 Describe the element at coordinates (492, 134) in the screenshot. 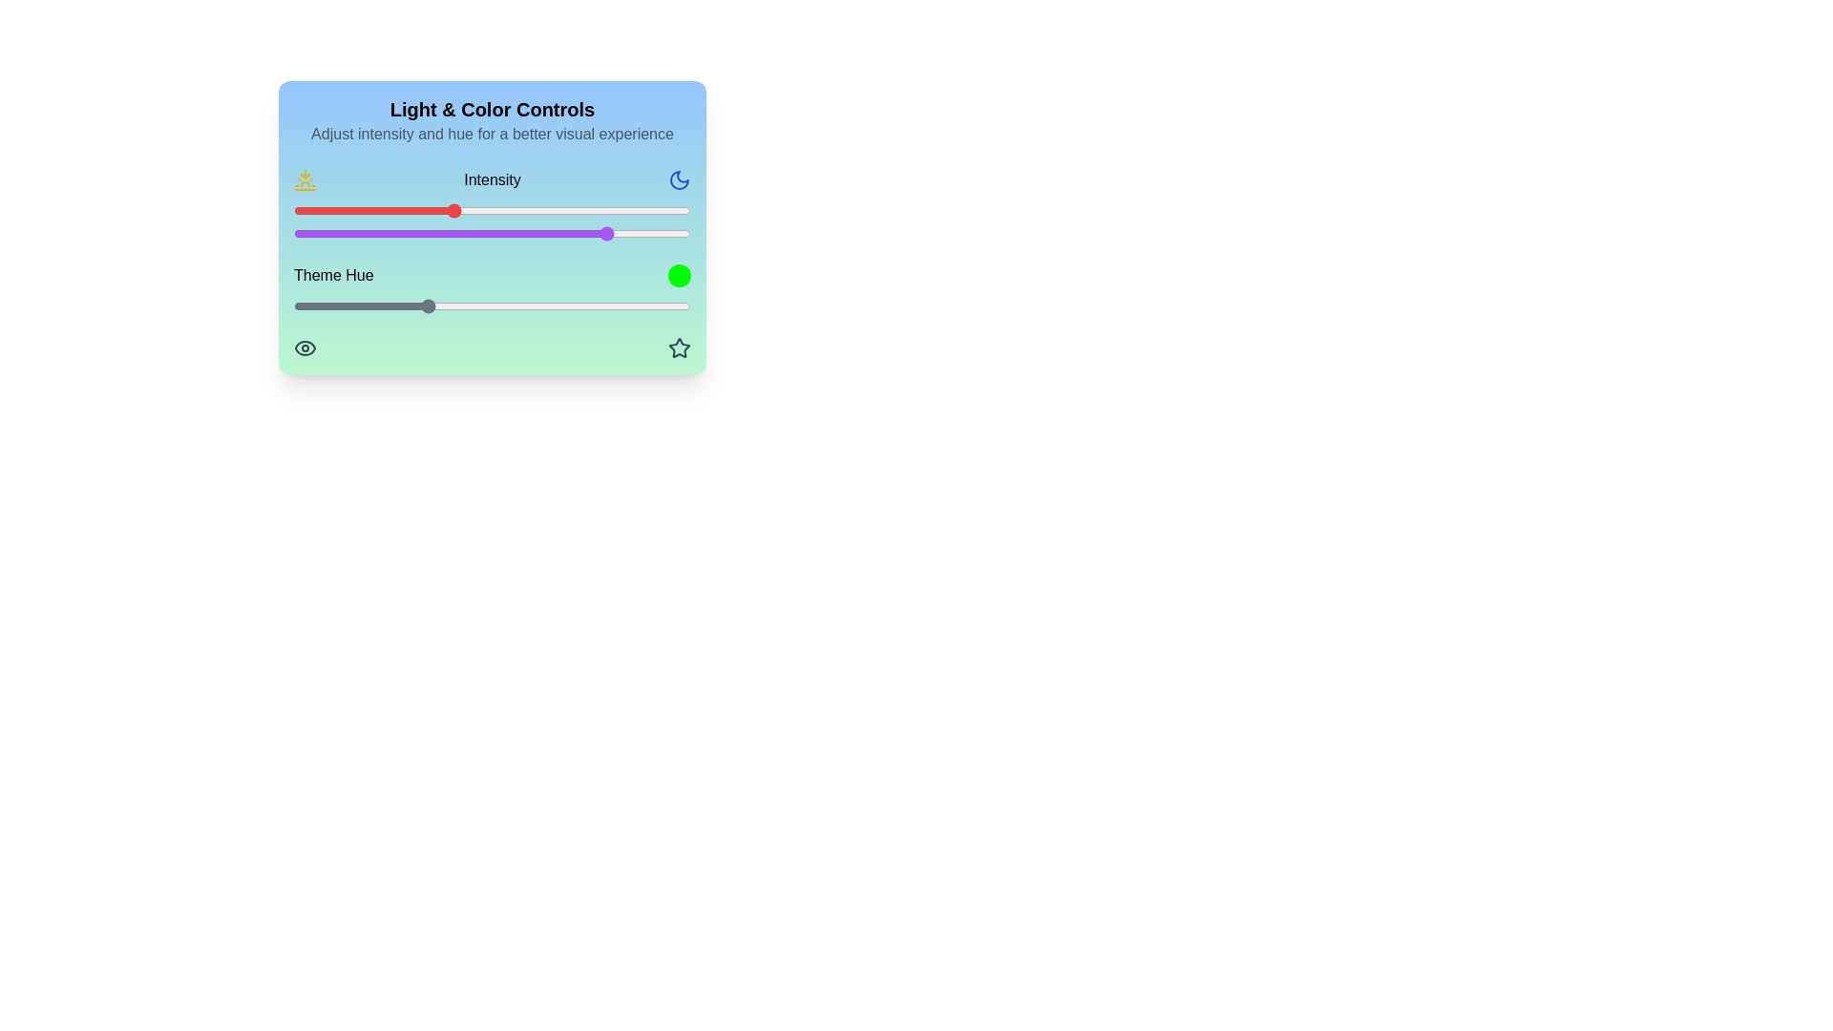

I see `the informative guidance label positioned below 'Light & Color Controls' in the central upper region of the interface card` at that location.